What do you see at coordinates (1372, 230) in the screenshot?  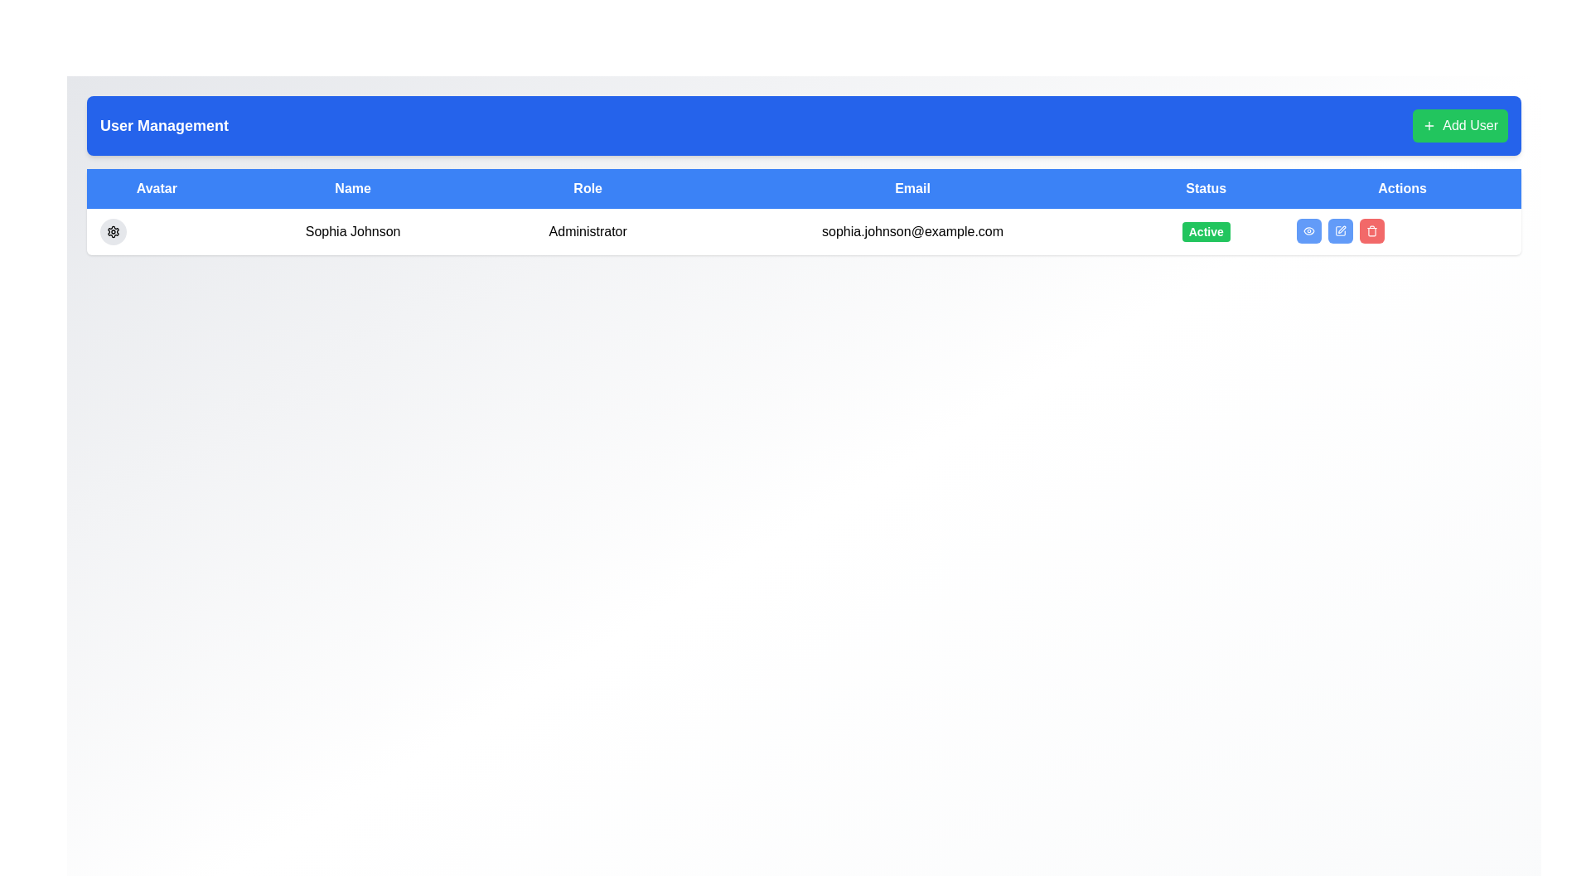 I see `the deletion icon located at the right end of the Actions column in the user management table` at bounding box center [1372, 230].